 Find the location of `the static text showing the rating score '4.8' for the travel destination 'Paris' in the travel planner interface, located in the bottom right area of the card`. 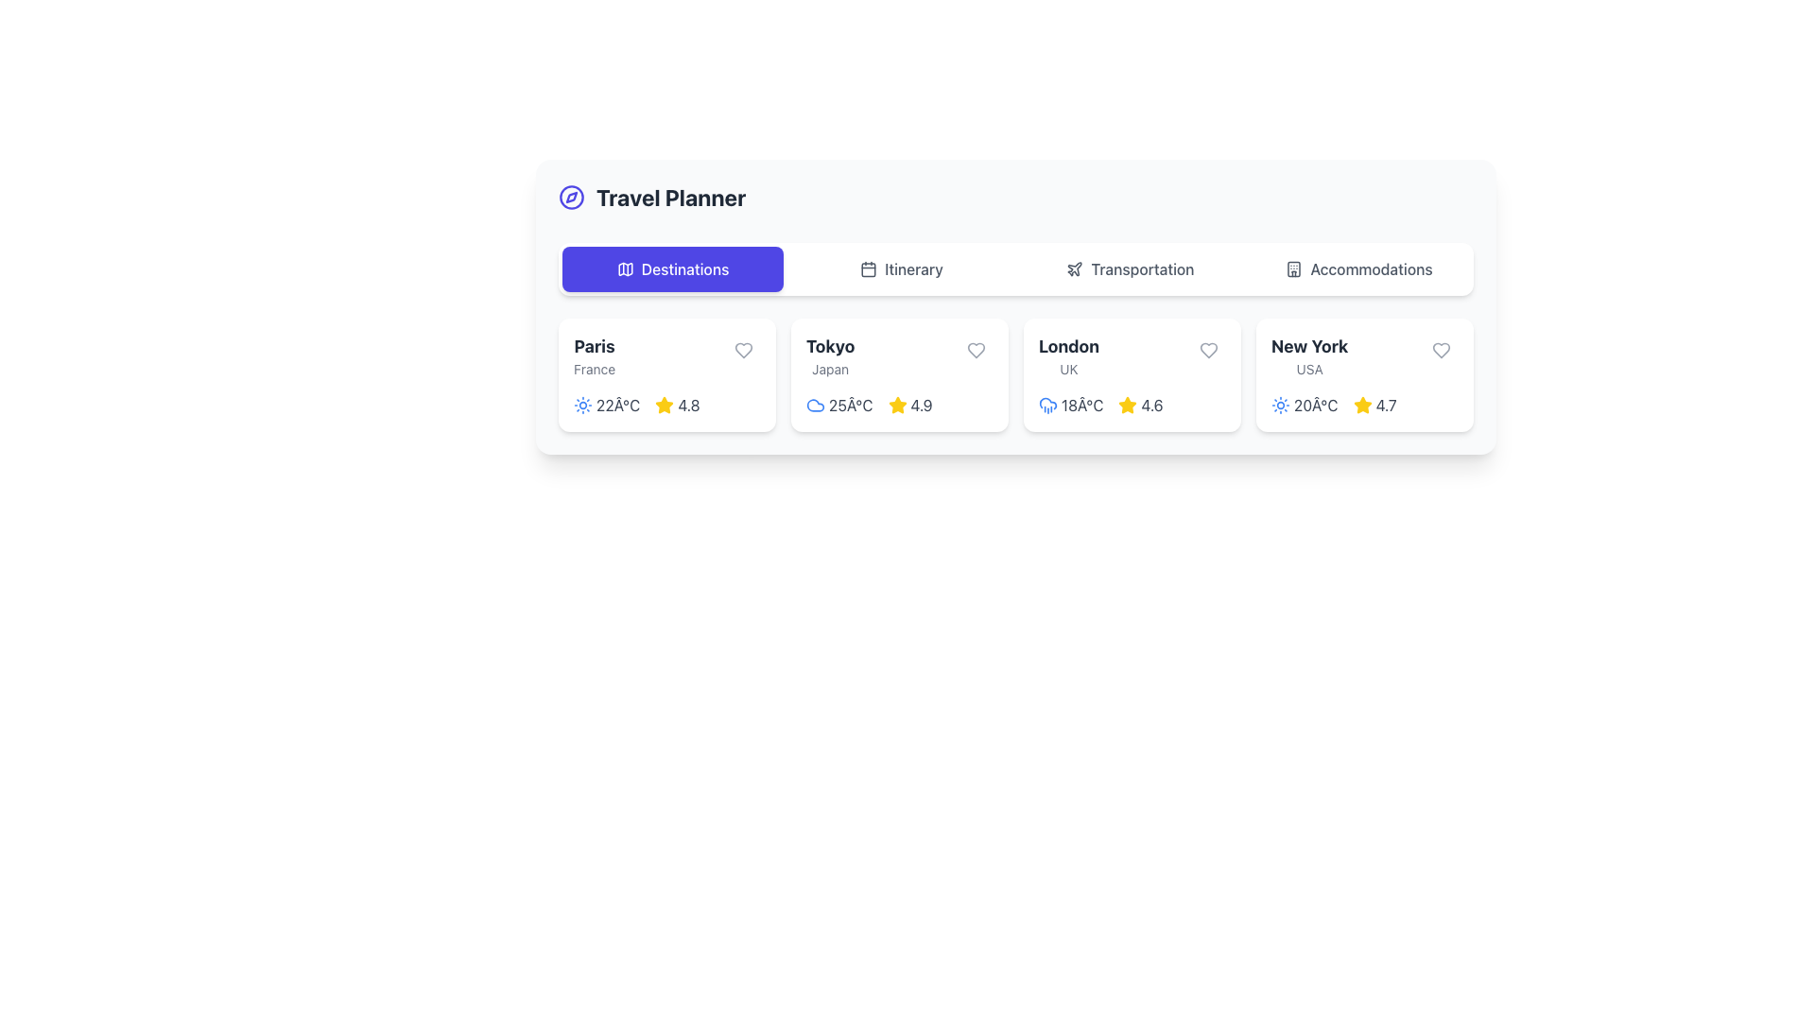

the static text showing the rating score '4.8' for the travel destination 'Paris' in the travel planner interface, located in the bottom right area of the card is located at coordinates (687, 404).